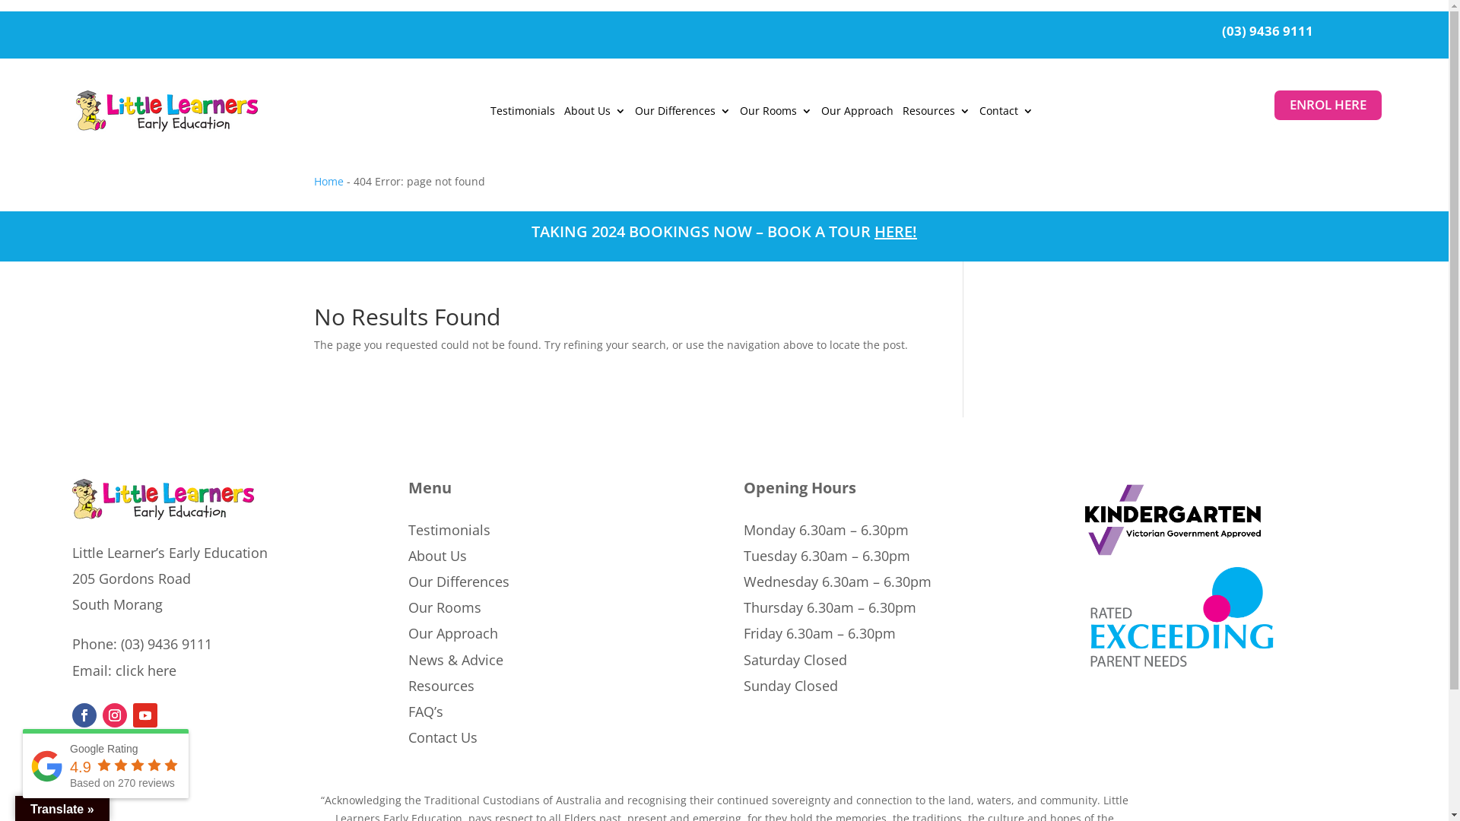 Image resolution: width=1460 pixels, height=821 pixels. Describe the element at coordinates (455, 658) in the screenshot. I see `'News & Advice'` at that location.